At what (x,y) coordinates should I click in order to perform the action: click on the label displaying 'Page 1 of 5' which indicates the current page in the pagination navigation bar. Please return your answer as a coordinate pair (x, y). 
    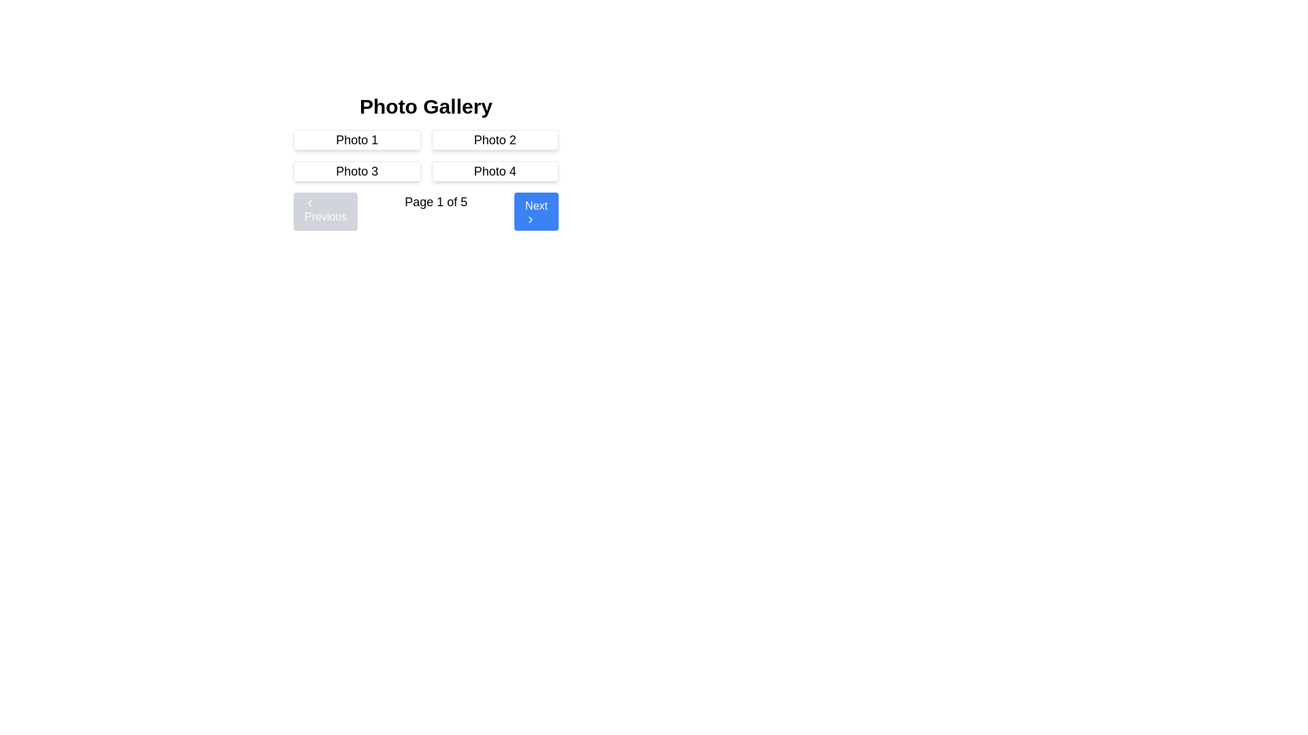
    Looking at the image, I should click on (436, 212).